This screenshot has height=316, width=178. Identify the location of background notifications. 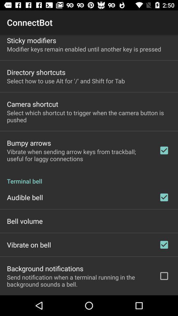
(45, 268).